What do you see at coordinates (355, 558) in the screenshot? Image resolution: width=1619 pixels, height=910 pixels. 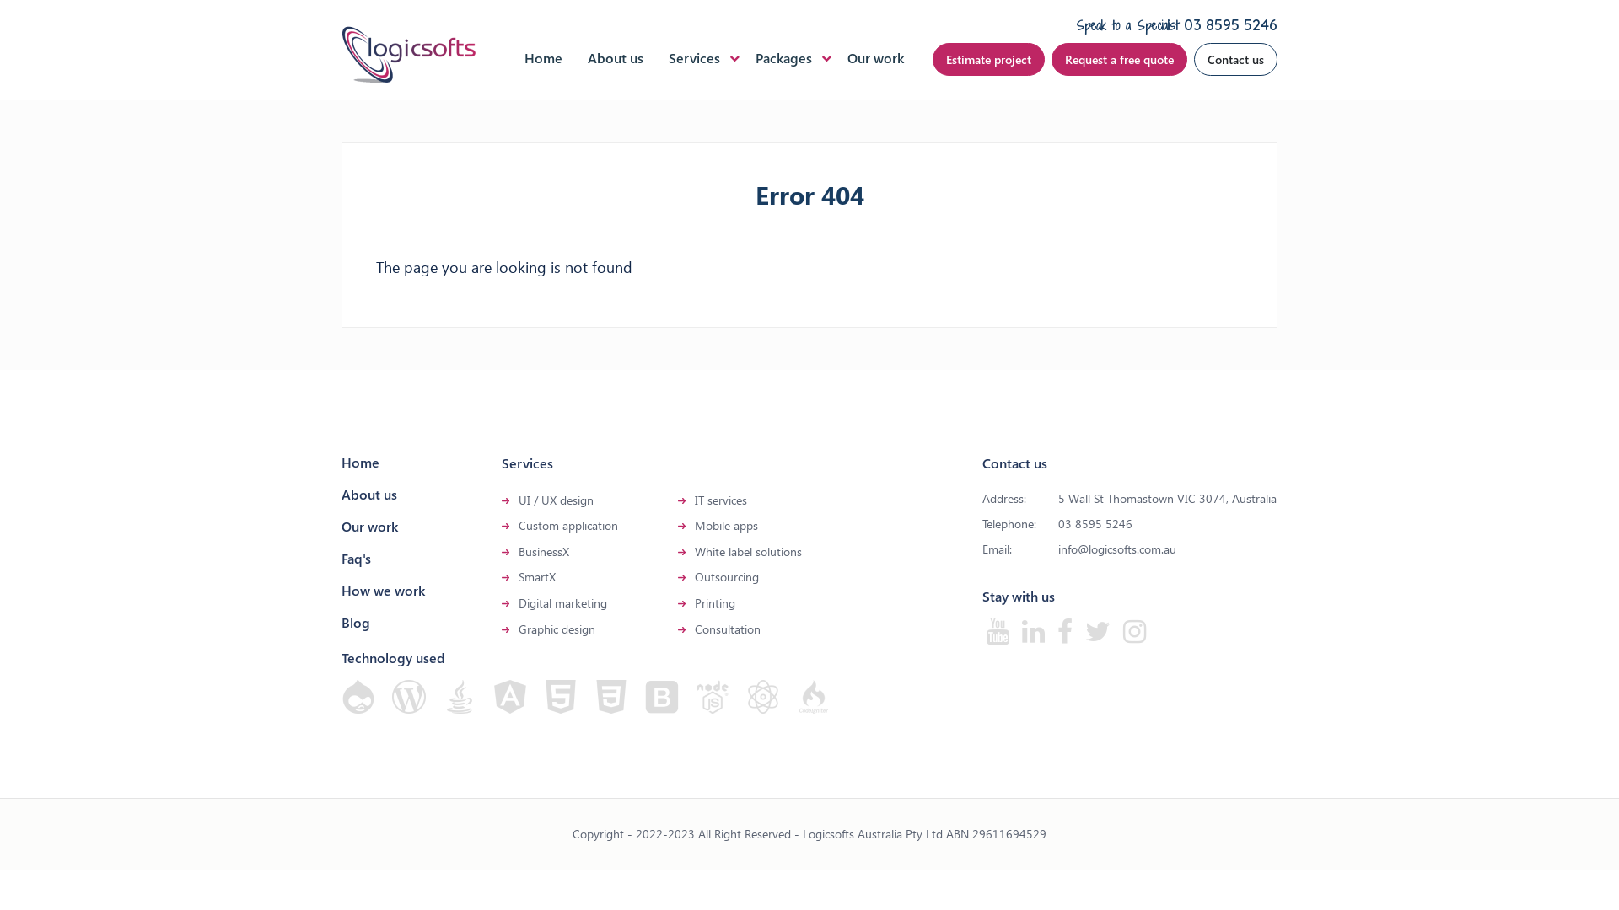 I see `'Faq's'` at bounding box center [355, 558].